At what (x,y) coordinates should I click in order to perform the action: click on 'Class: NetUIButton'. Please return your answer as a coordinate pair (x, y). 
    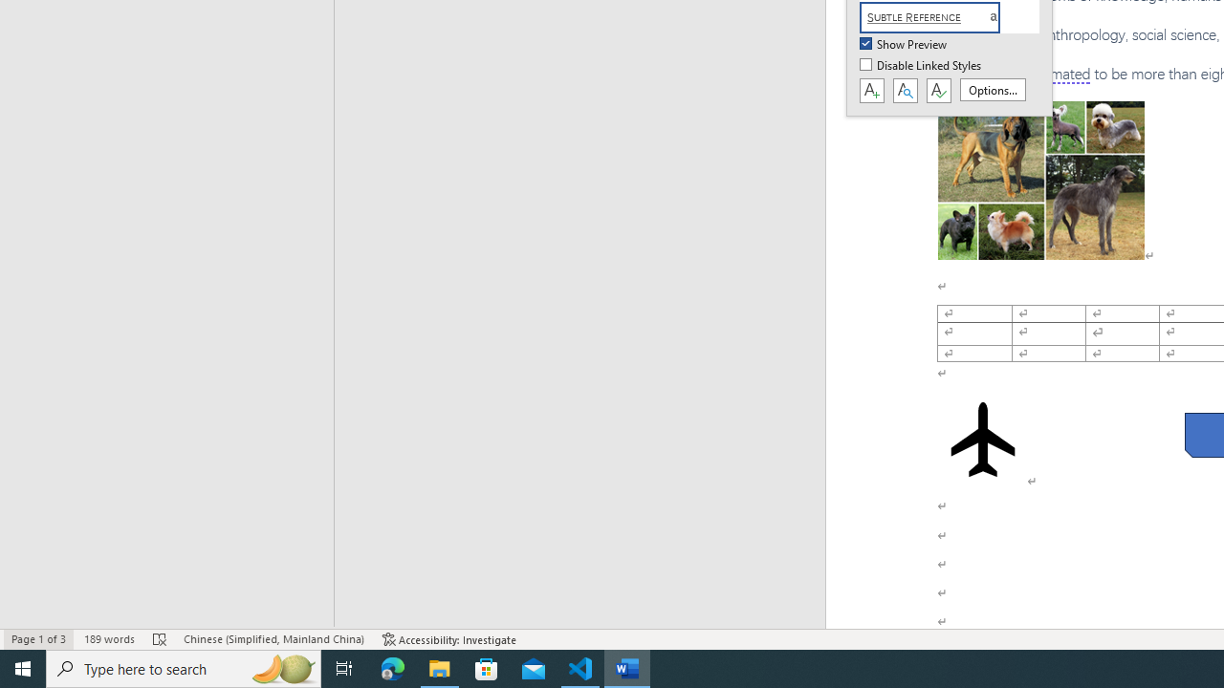
    Looking at the image, I should click on (938, 91).